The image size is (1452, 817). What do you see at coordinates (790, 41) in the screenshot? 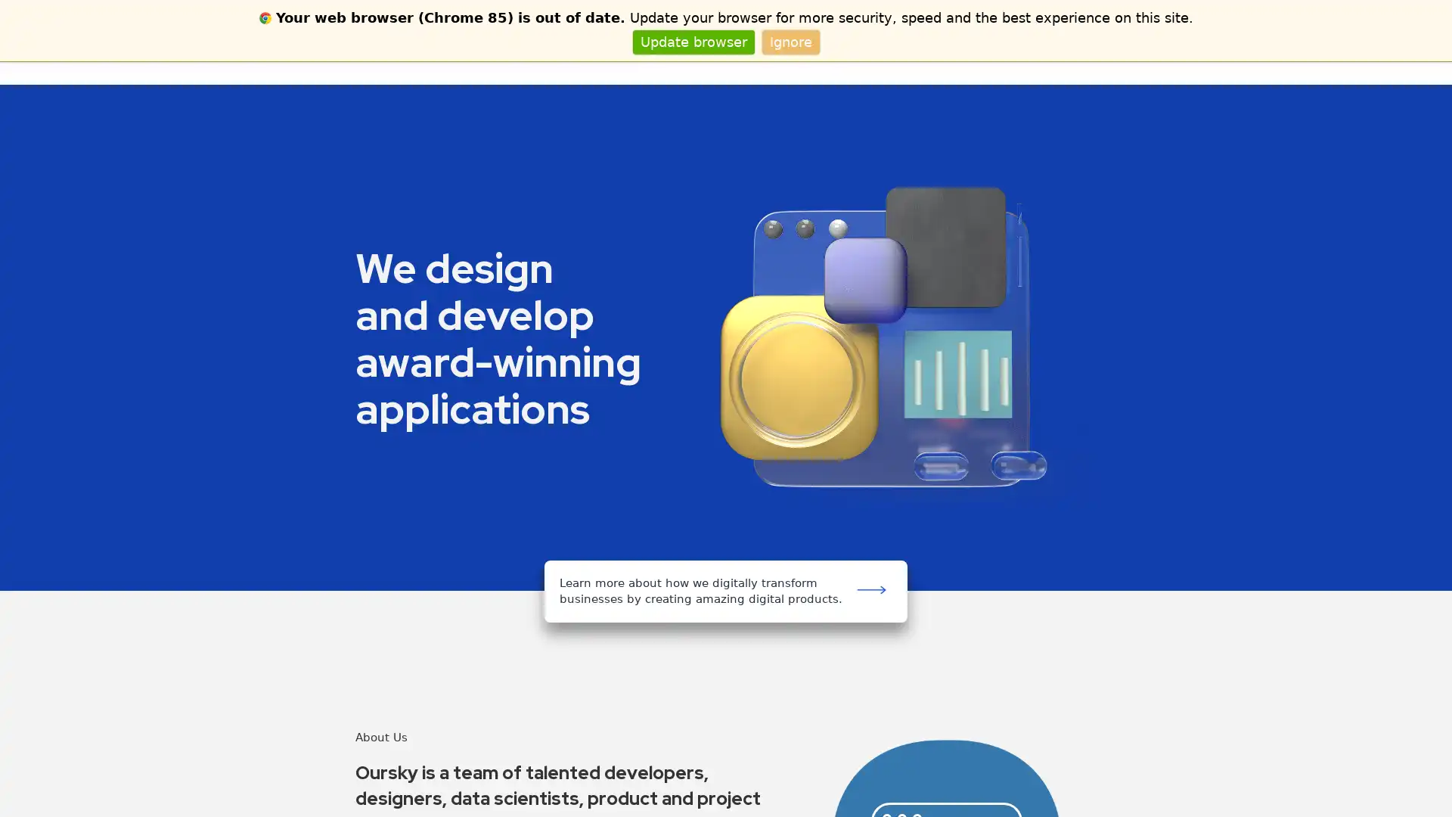
I see `Ignore` at bounding box center [790, 41].